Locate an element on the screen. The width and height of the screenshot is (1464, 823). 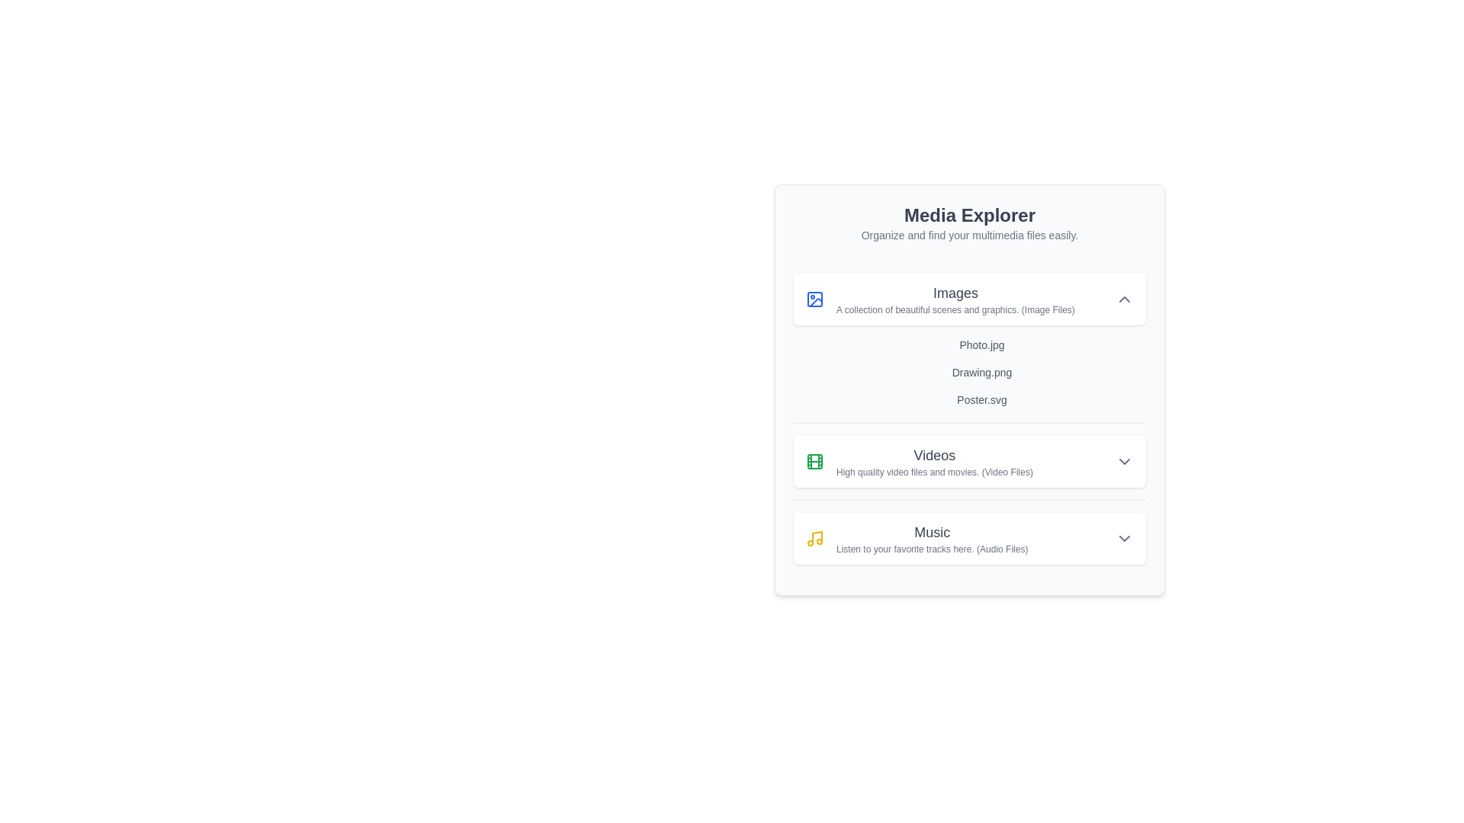
the text element that reads 'A collection of beautiful scenes and graphics. (Image Files)', which is located below the 'Images' label in the 'Media Explorer' section is located at coordinates (955, 309).